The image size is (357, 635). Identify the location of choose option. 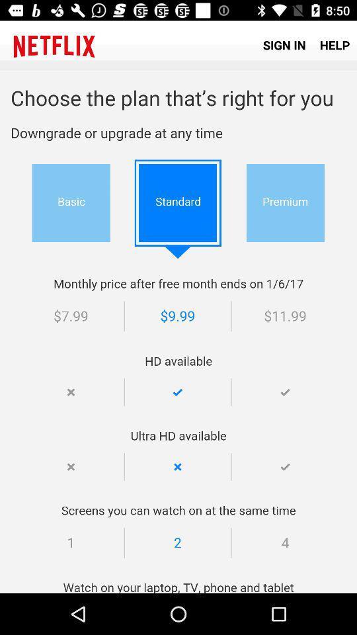
(178, 331).